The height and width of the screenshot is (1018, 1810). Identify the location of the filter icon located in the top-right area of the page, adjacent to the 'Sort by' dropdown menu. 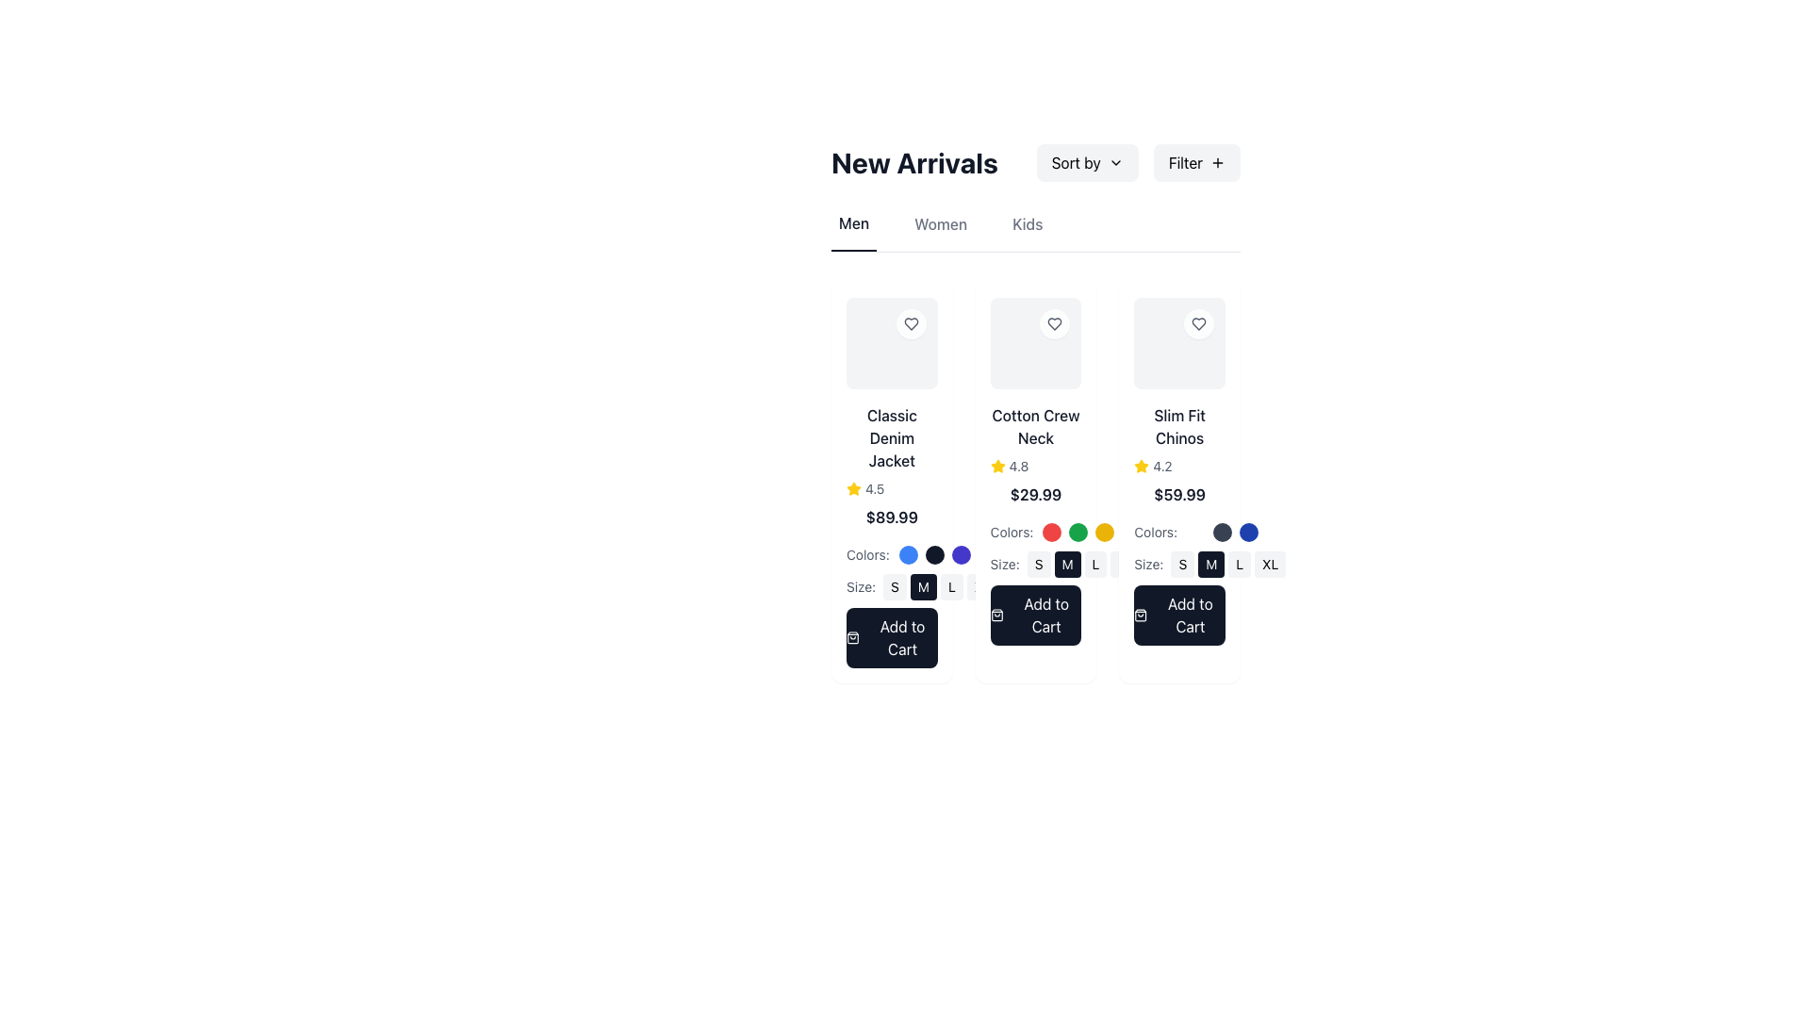
(1217, 162).